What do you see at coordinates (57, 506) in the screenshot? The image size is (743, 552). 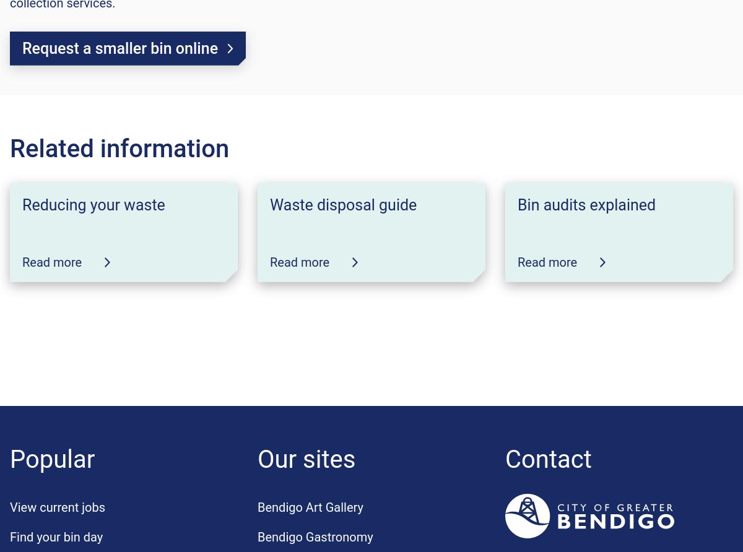 I see `'View current jobs'` at bounding box center [57, 506].